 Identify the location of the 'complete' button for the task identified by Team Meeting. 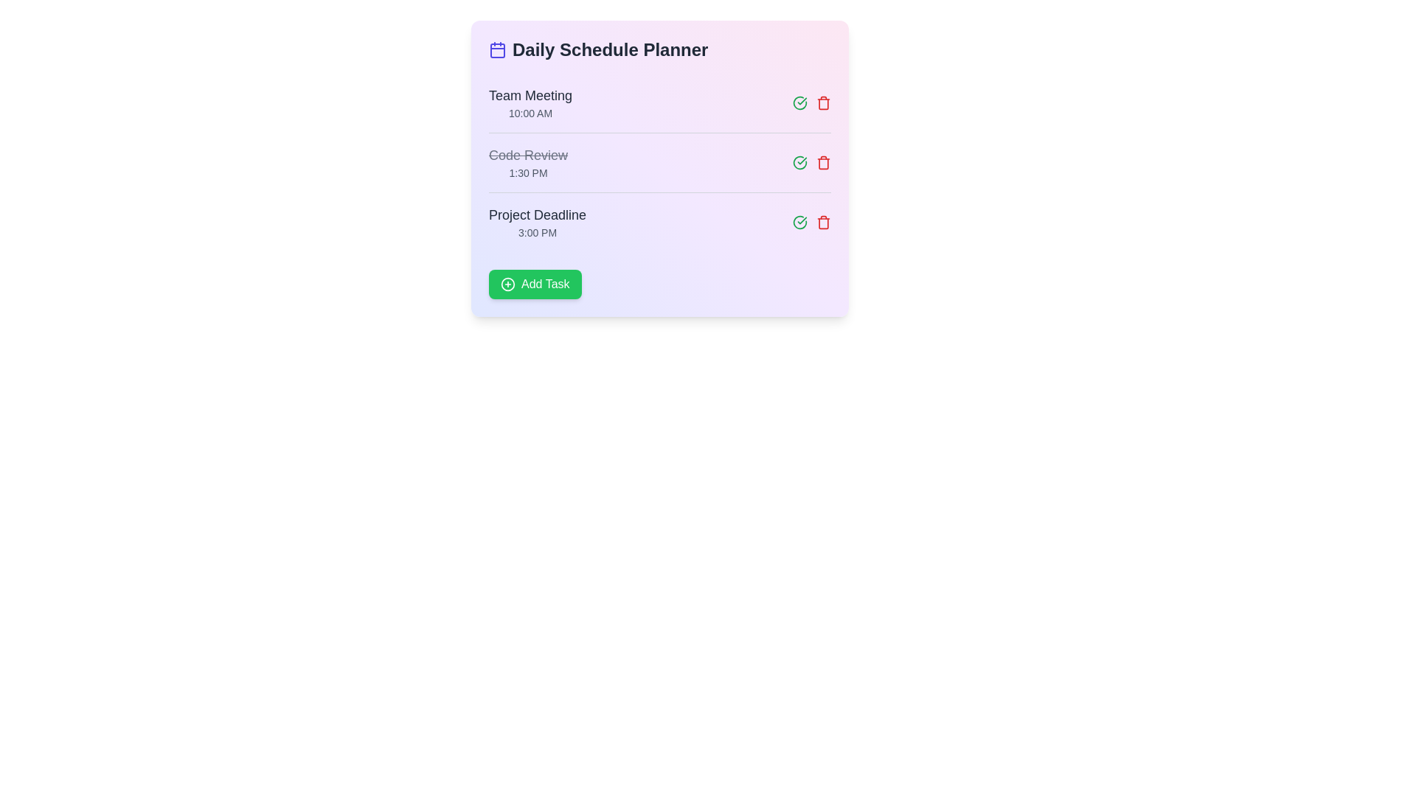
(799, 102).